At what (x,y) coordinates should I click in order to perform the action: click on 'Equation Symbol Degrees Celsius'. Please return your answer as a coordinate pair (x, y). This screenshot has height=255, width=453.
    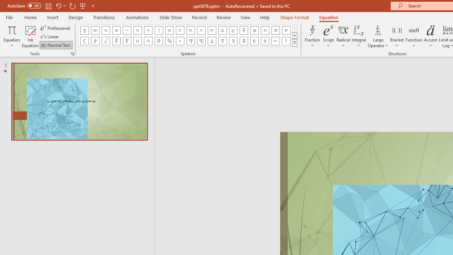
    Looking at the image, I should click on (201, 41).